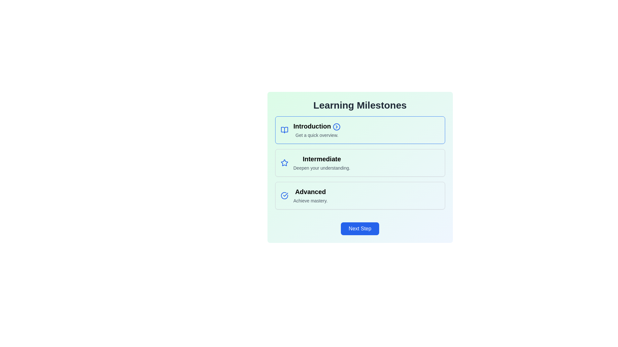  What do you see at coordinates (284, 195) in the screenshot?
I see `the visual indicator icon located in the third box of the 'Learning Milestones' section, which denotes the completion or activation status of the 'Advanced' milestone, positioned to the left of the text 'Advanced'` at bounding box center [284, 195].